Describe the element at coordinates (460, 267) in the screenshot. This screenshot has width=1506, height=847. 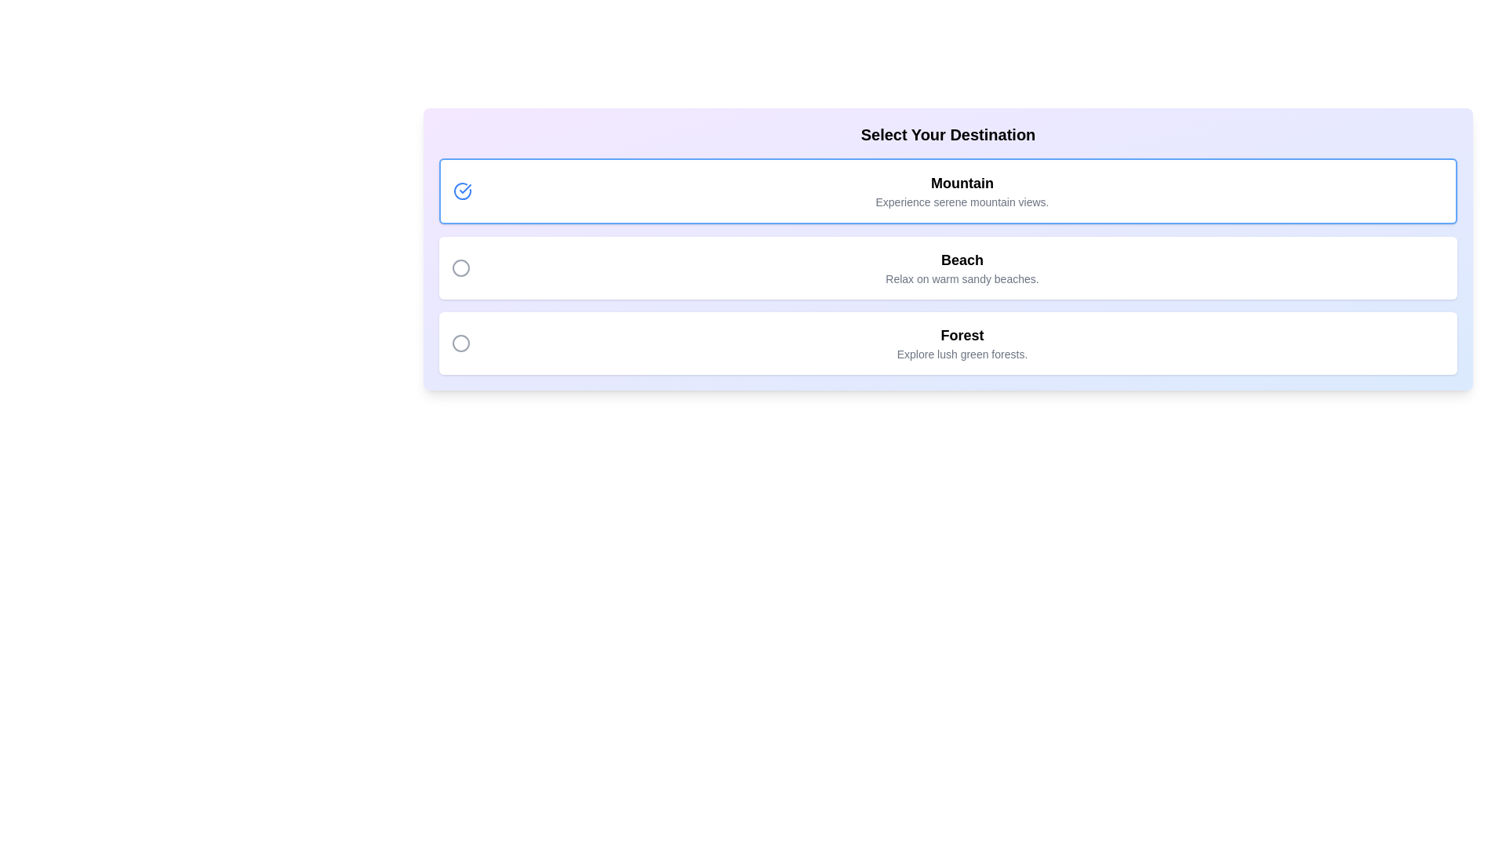
I see `the circular radio button indicator with a gray fill, which is part of the second list item in the selection menu preceding the 'Beach' label` at that location.